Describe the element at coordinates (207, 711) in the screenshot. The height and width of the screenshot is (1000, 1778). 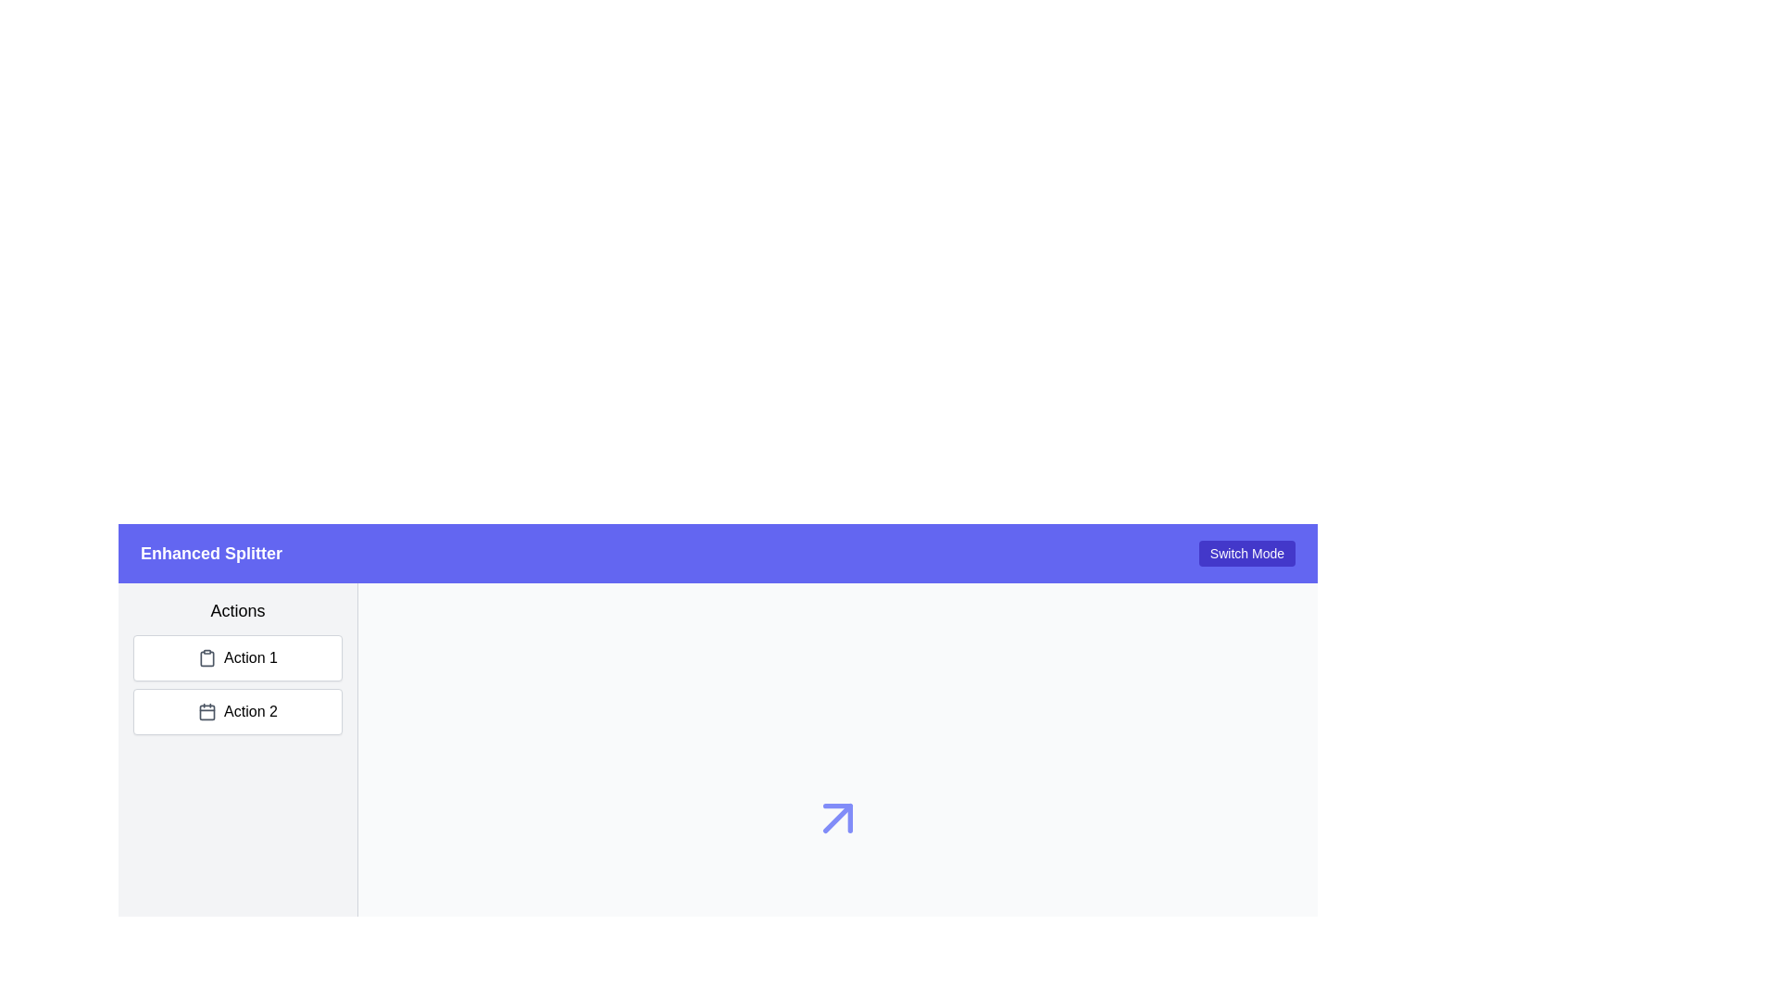
I see `the calendar icon's body represented by the SVG shape (rectangle with rounded corners) inside the second button labeled 'Action 2' in the 'Actions' column` at that location.